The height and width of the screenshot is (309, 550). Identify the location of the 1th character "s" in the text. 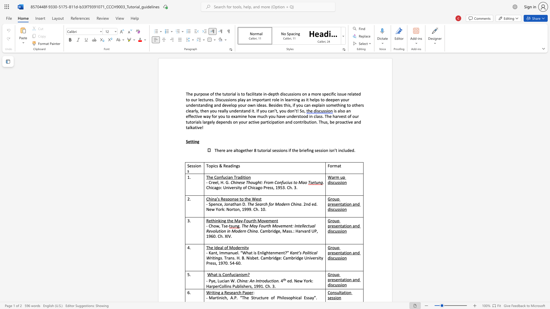
(304, 99).